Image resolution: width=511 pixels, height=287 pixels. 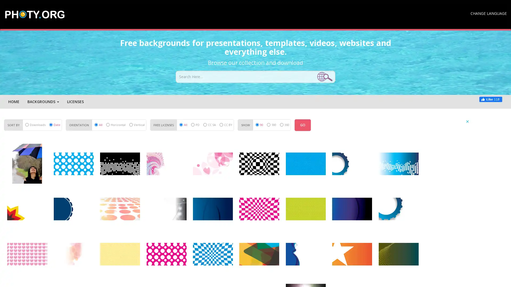 I want to click on GO, so click(x=303, y=125).